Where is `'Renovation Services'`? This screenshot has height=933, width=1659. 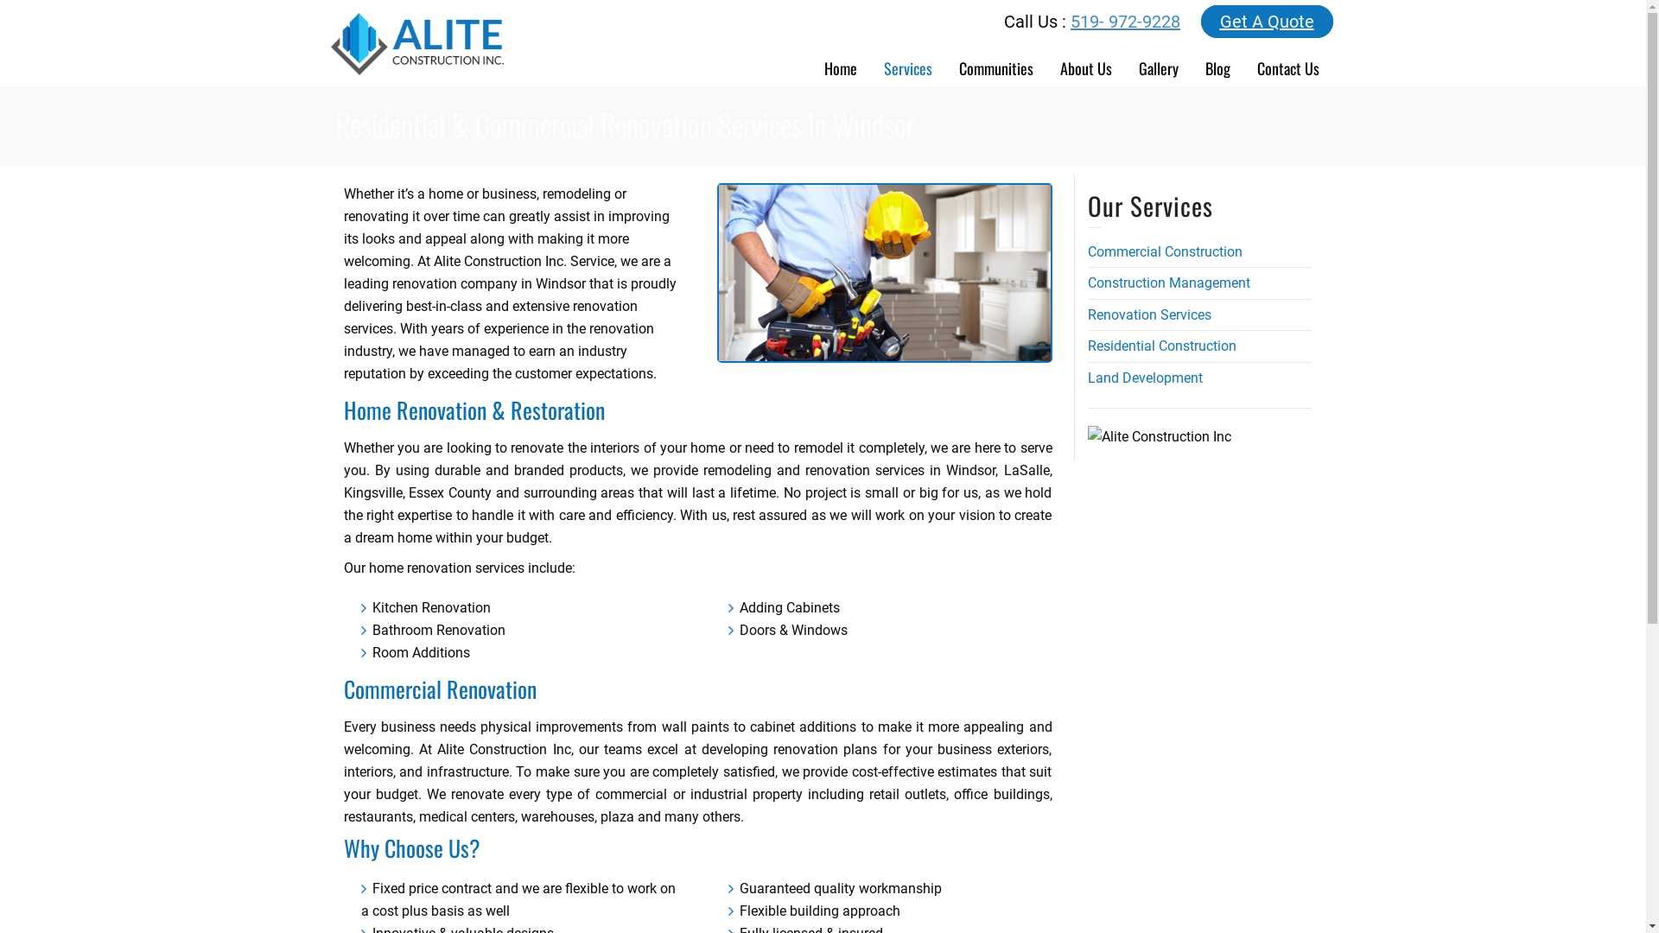
'Renovation Services' is located at coordinates (1148, 314).